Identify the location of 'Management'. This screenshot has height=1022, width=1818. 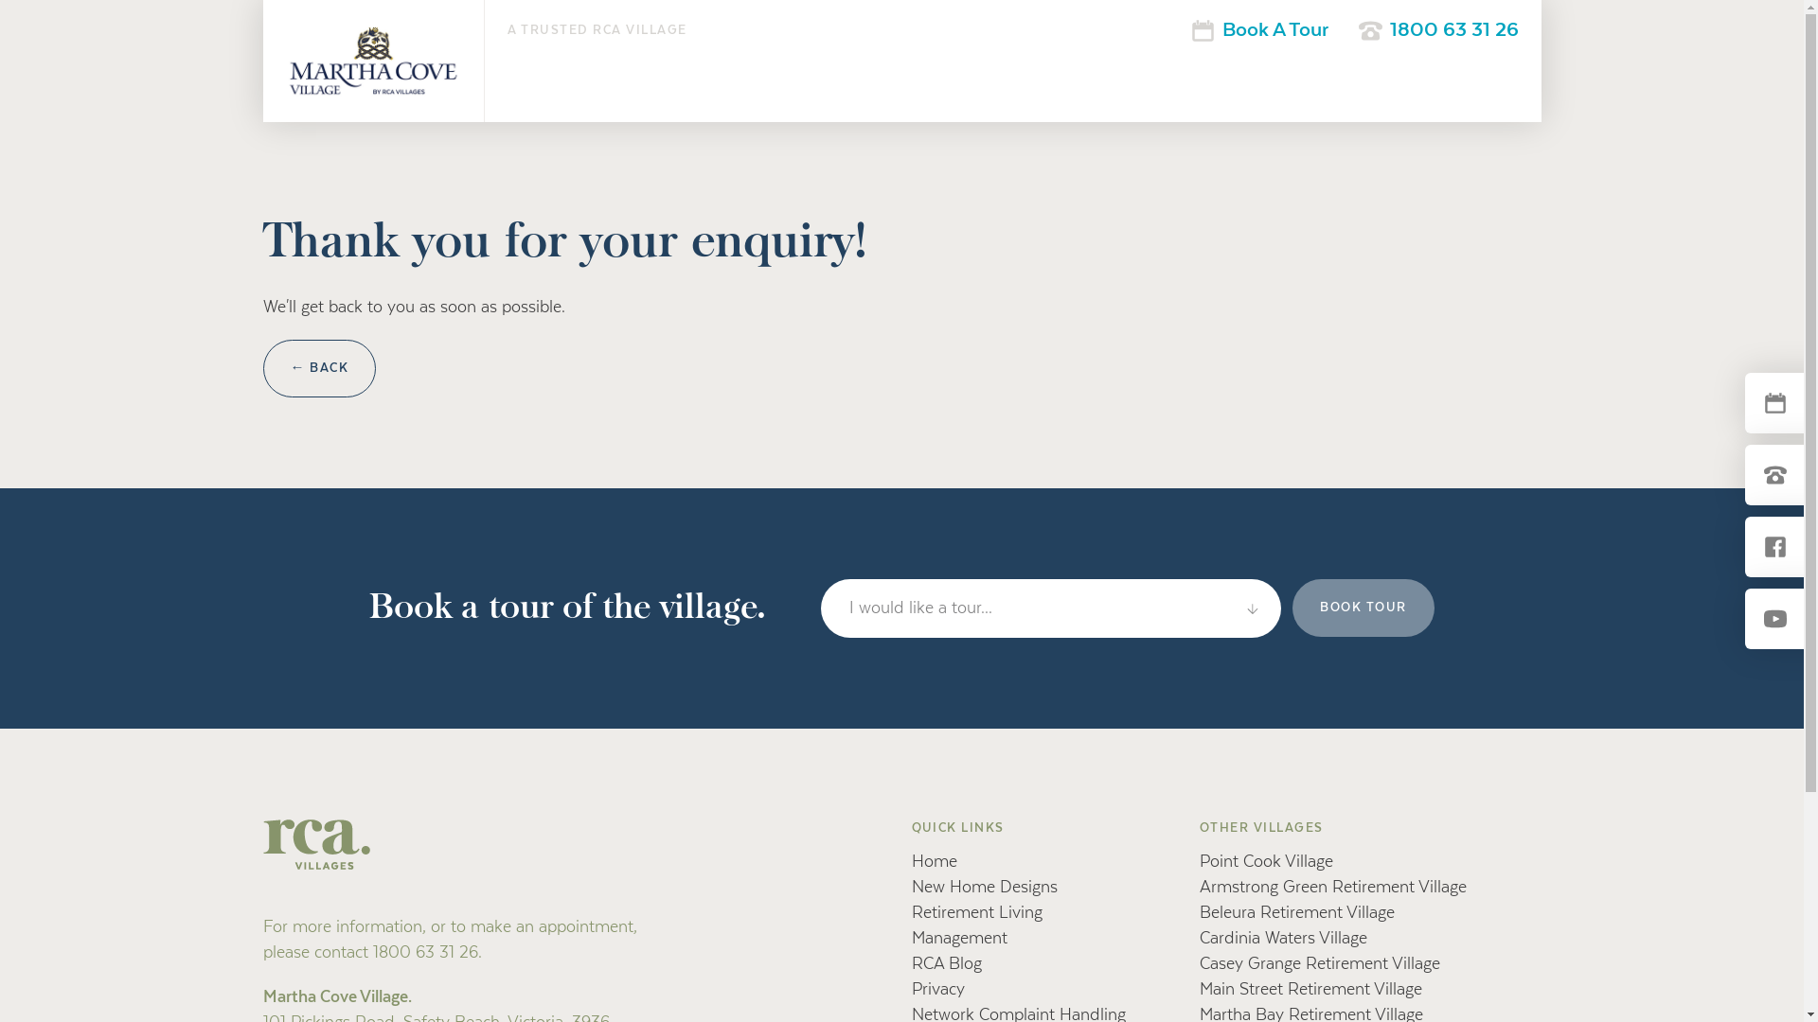
(958, 938).